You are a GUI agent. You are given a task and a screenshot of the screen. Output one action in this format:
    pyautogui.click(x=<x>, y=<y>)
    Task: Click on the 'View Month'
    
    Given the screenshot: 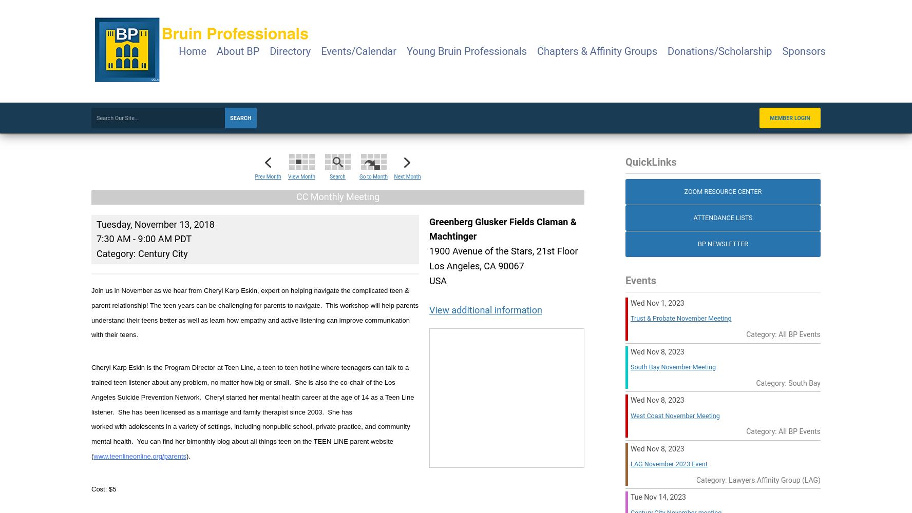 What is the action you would take?
    pyautogui.click(x=301, y=176)
    